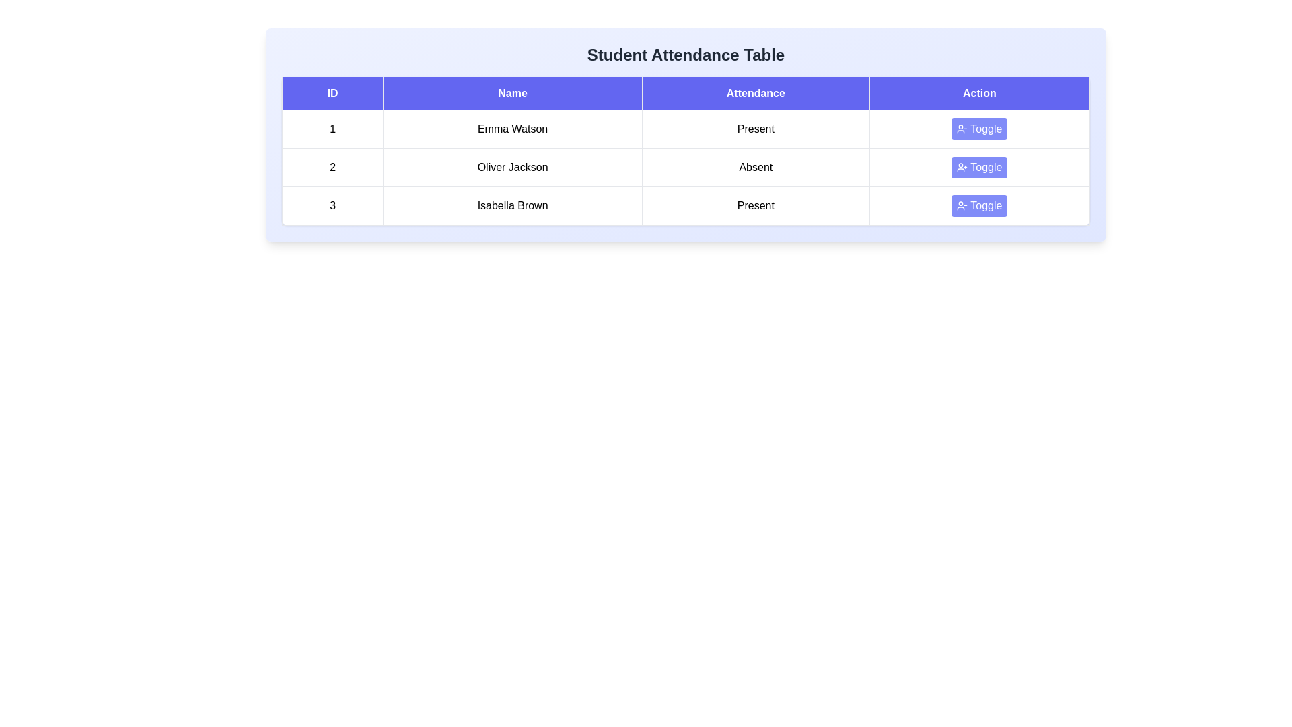 This screenshot has height=727, width=1292. What do you see at coordinates (756, 129) in the screenshot?
I see `text 'Present' displayed in black font inside the table cell located in the third column, first row of the 'Student Attendance Table'` at bounding box center [756, 129].